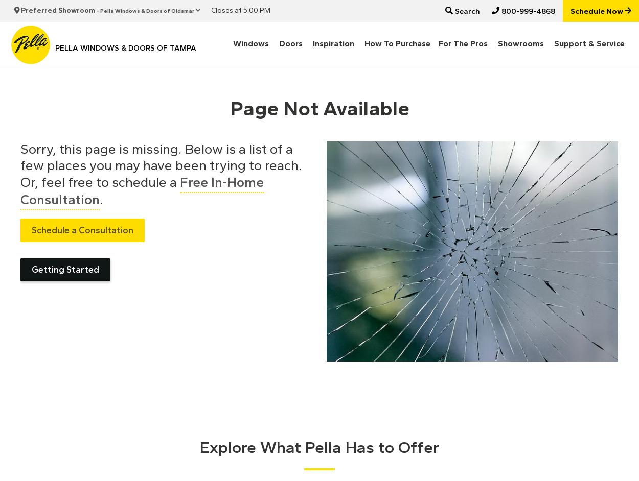 This screenshot has height=481, width=639. What do you see at coordinates (240, 10) in the screenshot?
I see `'Closes at  5:00 PM'` at bounding box center [240, 10].